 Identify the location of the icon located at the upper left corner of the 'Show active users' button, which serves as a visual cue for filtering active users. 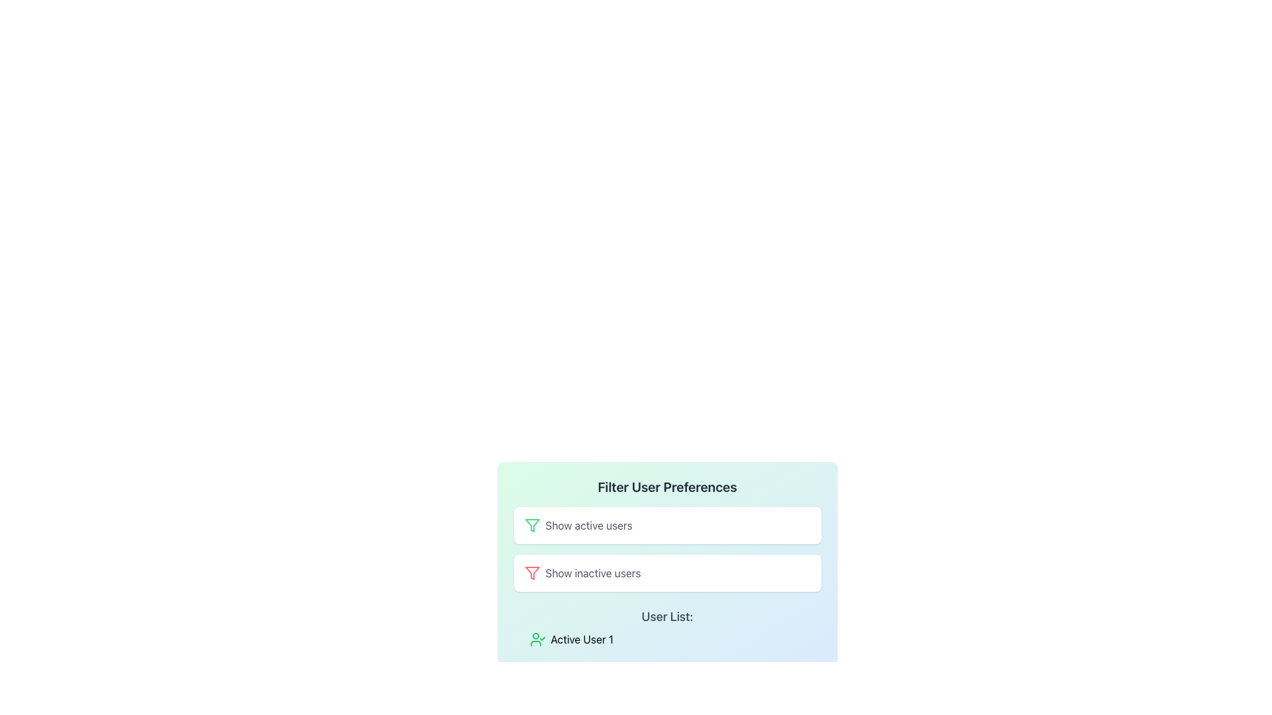
(532, 573).